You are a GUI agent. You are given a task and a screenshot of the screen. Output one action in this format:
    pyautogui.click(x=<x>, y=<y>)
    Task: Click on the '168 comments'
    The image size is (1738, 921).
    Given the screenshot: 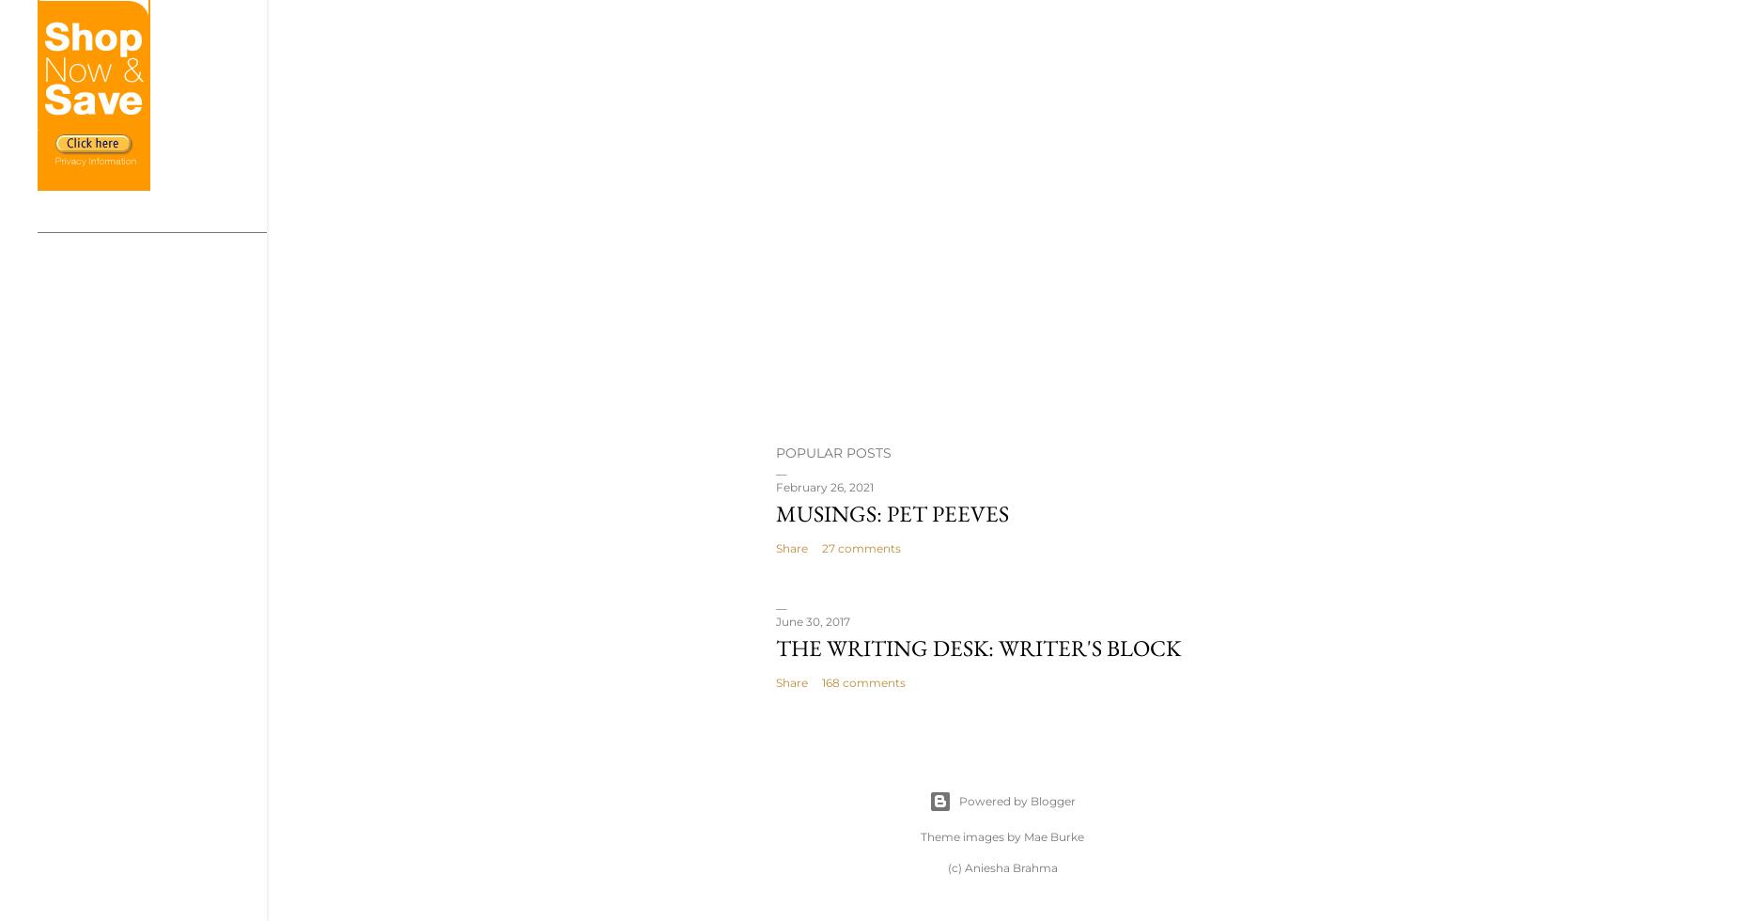 What is the action you would take?
    pyautogui.click(x=863, y=682)
    